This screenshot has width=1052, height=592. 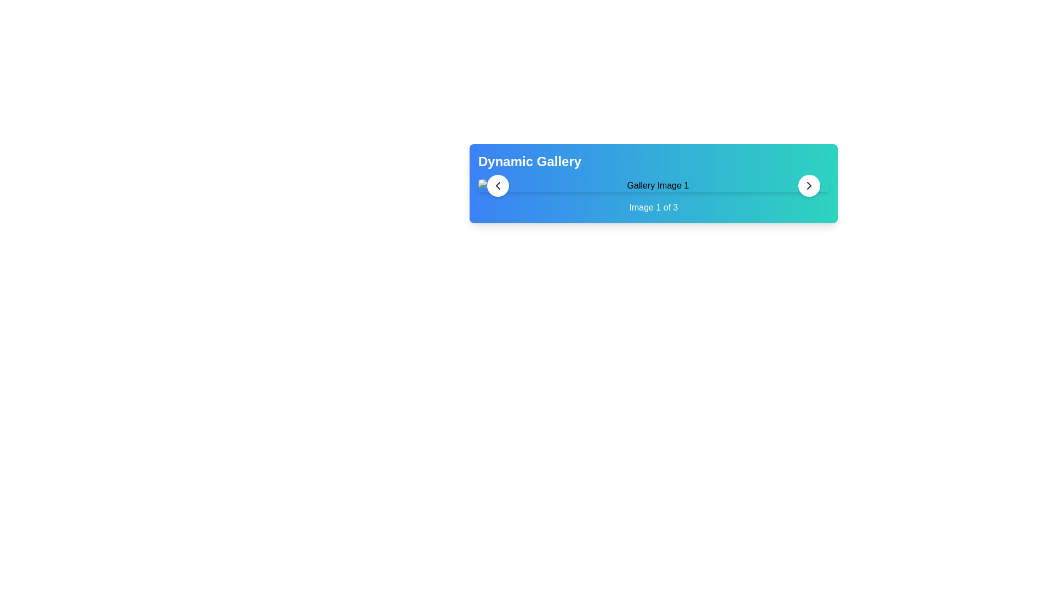 What do you see at coordinates (809, 185) in the screenshot?
I see `the small black triangular arrow pointing to the right, which serves as the next or forward icon in the navigation of the gallery component` at bounding box center [809, 185].